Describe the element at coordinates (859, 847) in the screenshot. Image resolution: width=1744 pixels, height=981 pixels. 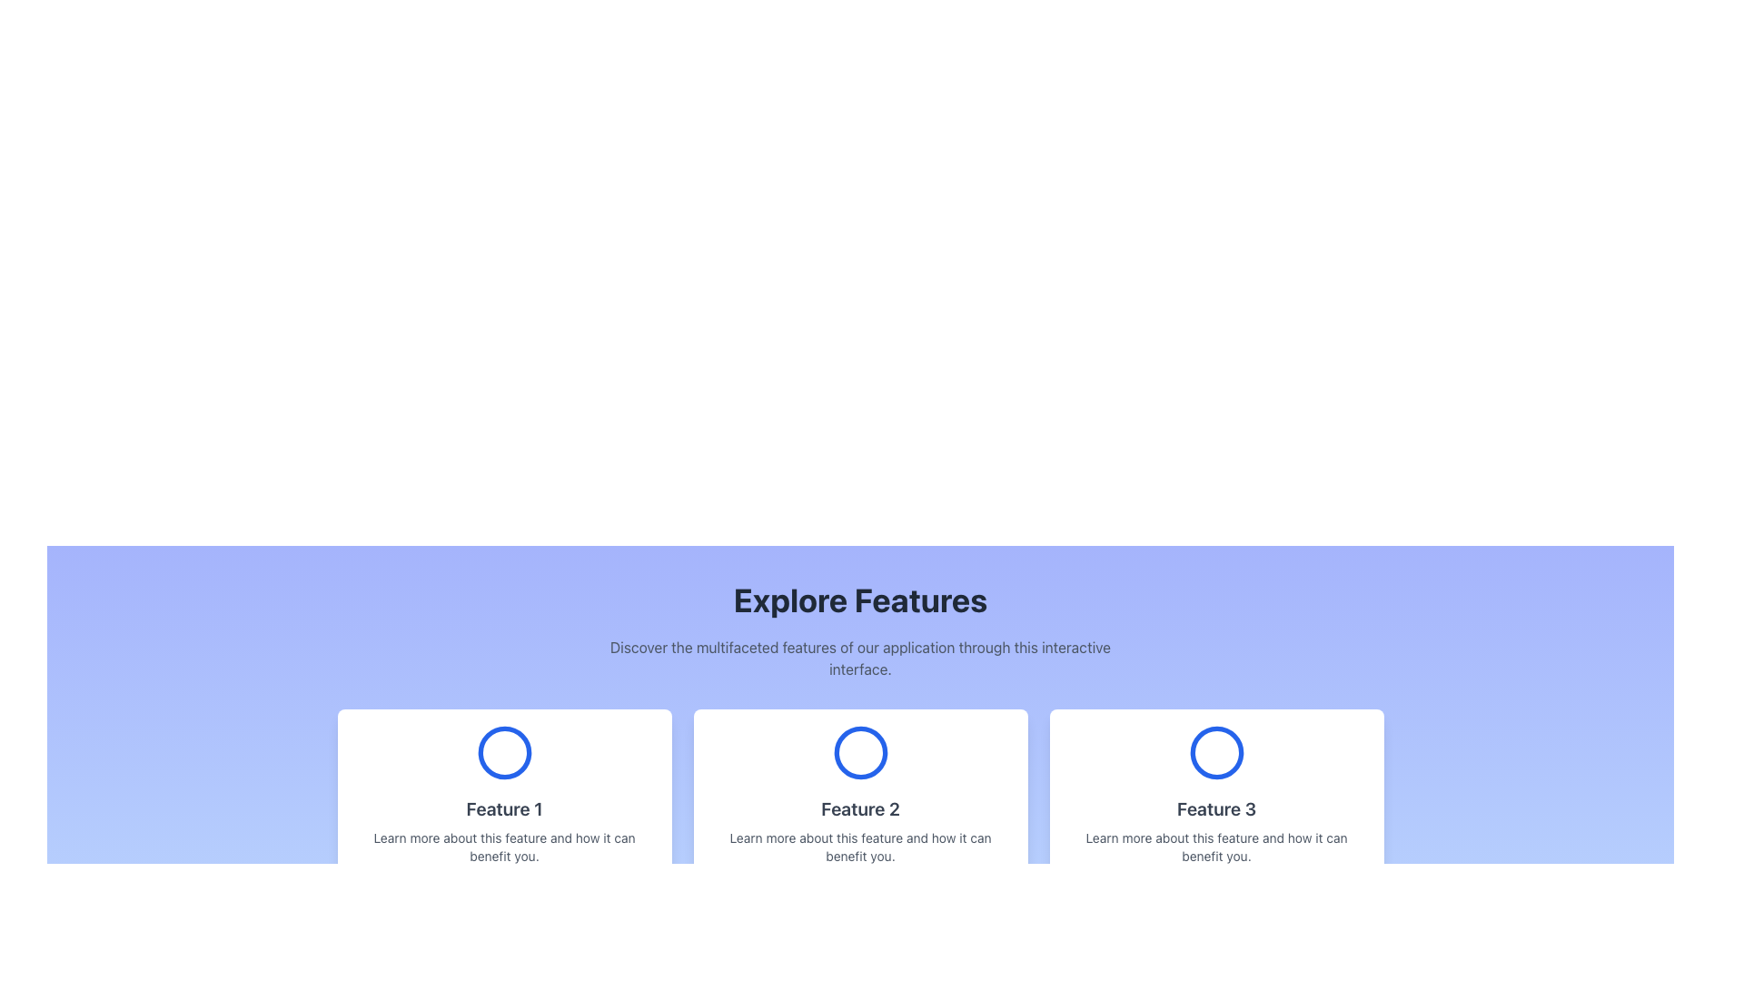
I see `the second text paragraph in the 'Feature 2' card, which is located directly below the title 'Feature 2' and above the 'View Details' link` at that location.